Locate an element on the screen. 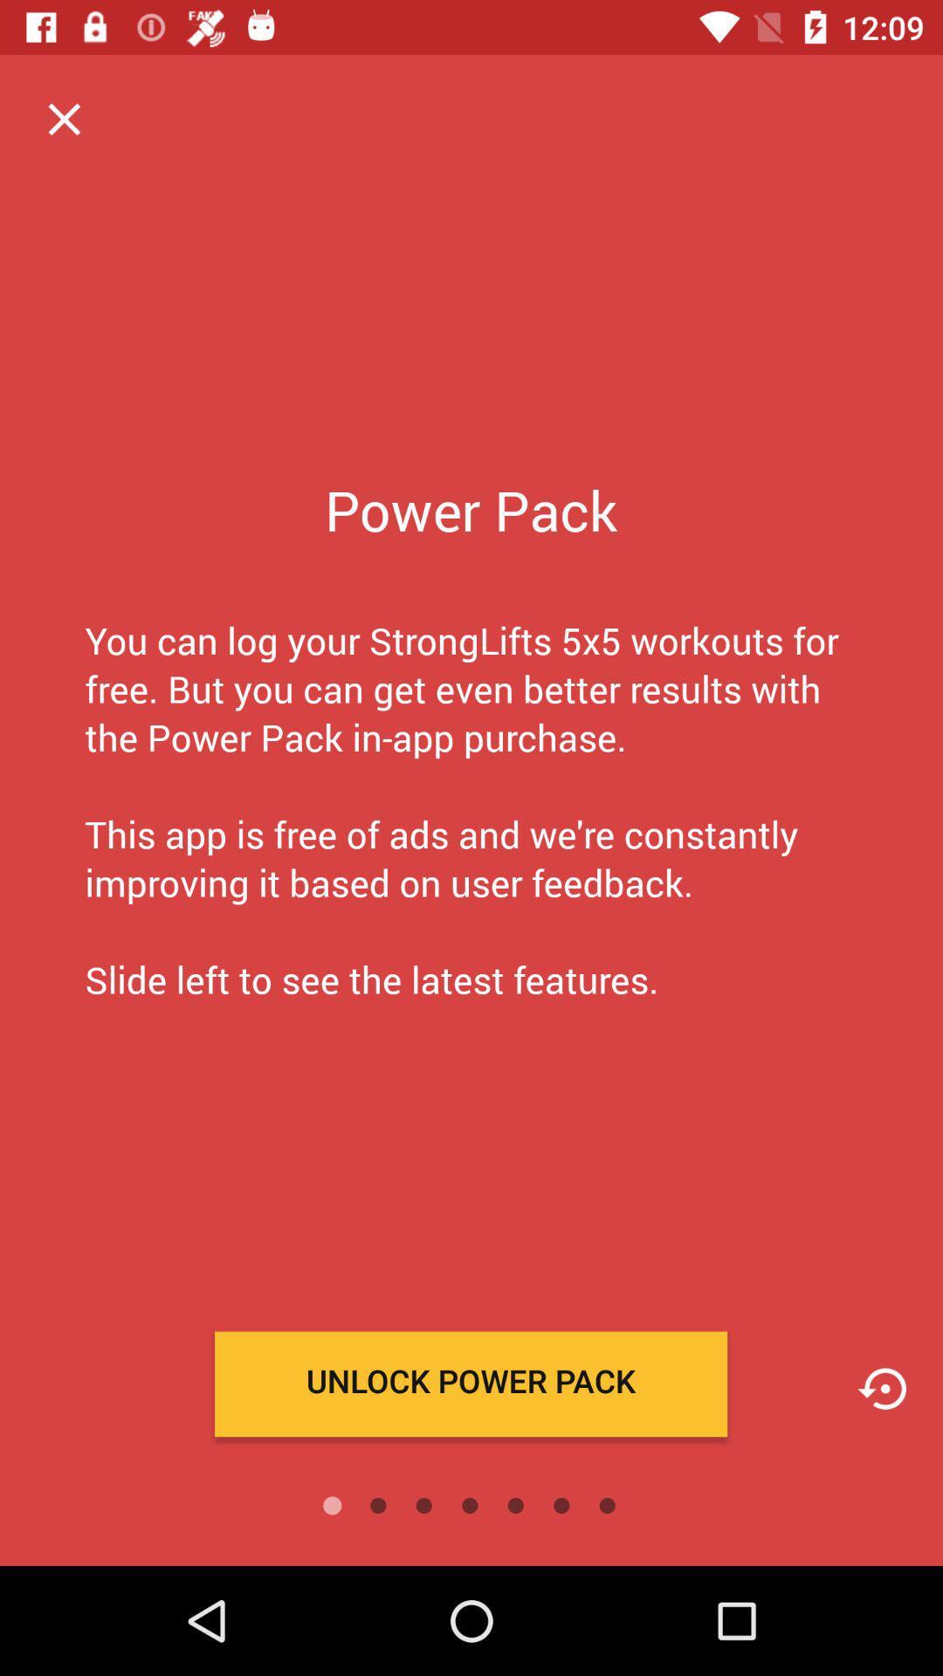 The width and height of the screenshot is (943, 1676). the history icon is located at coordinates (882, 1388).